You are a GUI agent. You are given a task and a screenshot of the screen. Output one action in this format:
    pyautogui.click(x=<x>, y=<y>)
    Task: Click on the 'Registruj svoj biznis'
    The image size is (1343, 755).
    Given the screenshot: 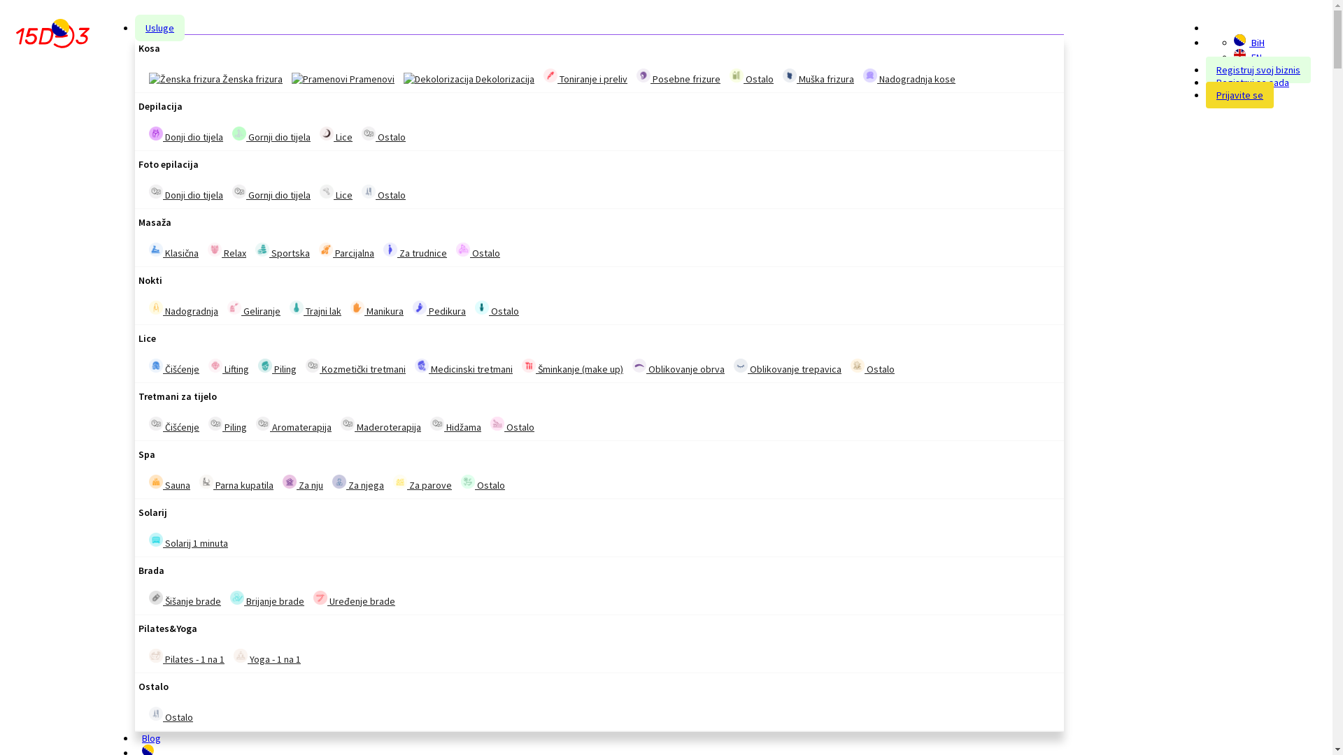 What is the action you would take?
    pyautogui.click(x=1258, y=70)
    